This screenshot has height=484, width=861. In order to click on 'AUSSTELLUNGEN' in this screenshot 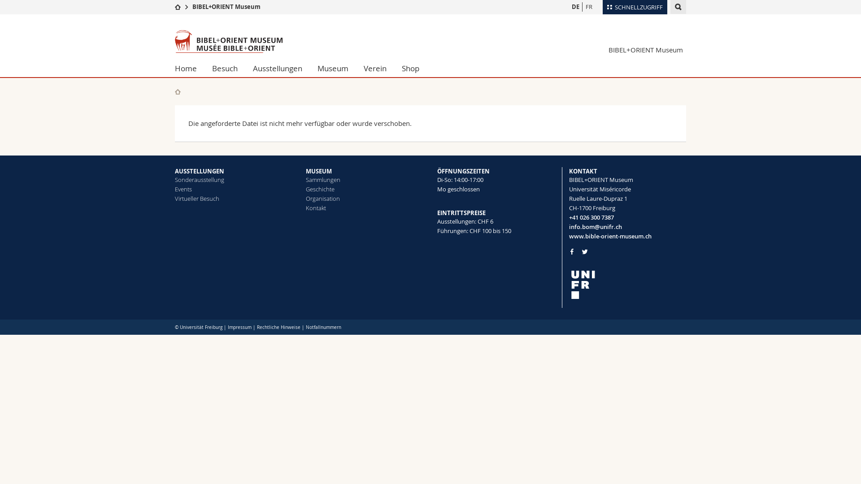, I will do `click(199, 171)`.